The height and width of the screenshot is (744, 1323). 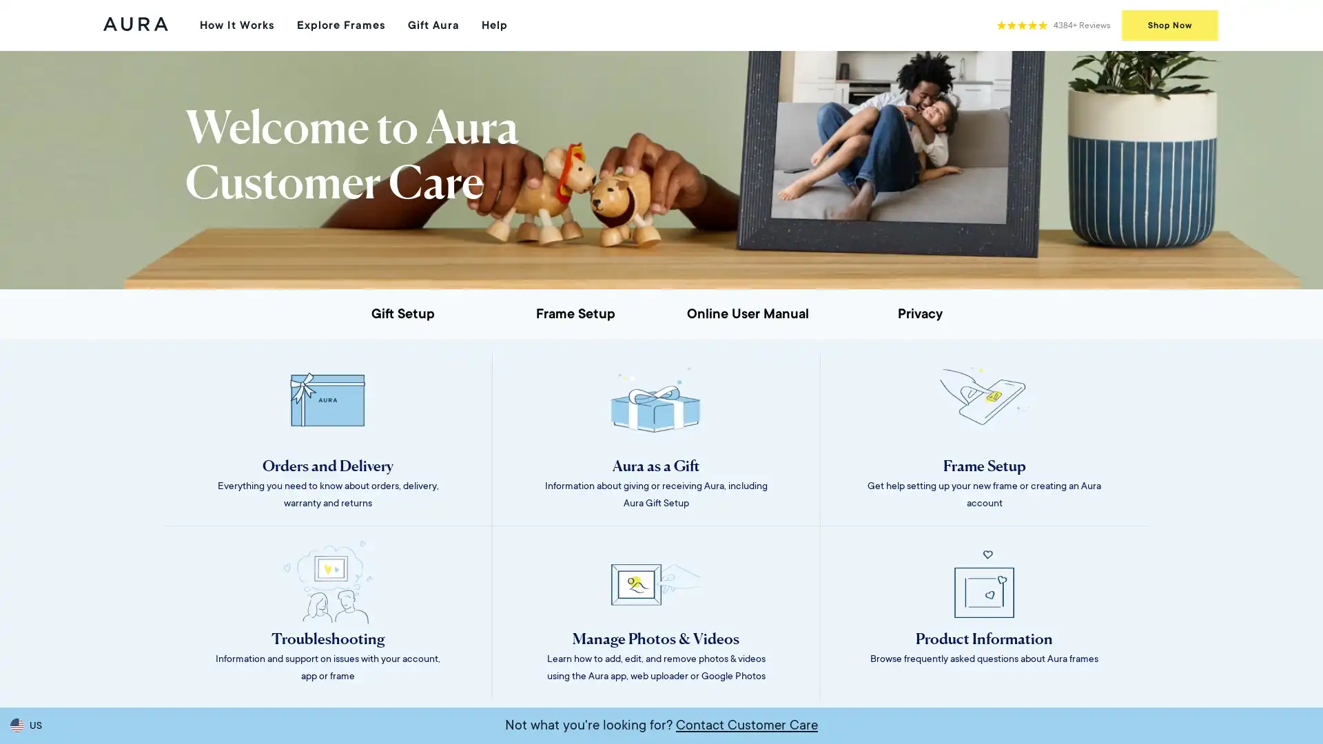 What do you see at coordinates (26, 725) in the screenshot?
I see `US` at bounding box center [26, 725].